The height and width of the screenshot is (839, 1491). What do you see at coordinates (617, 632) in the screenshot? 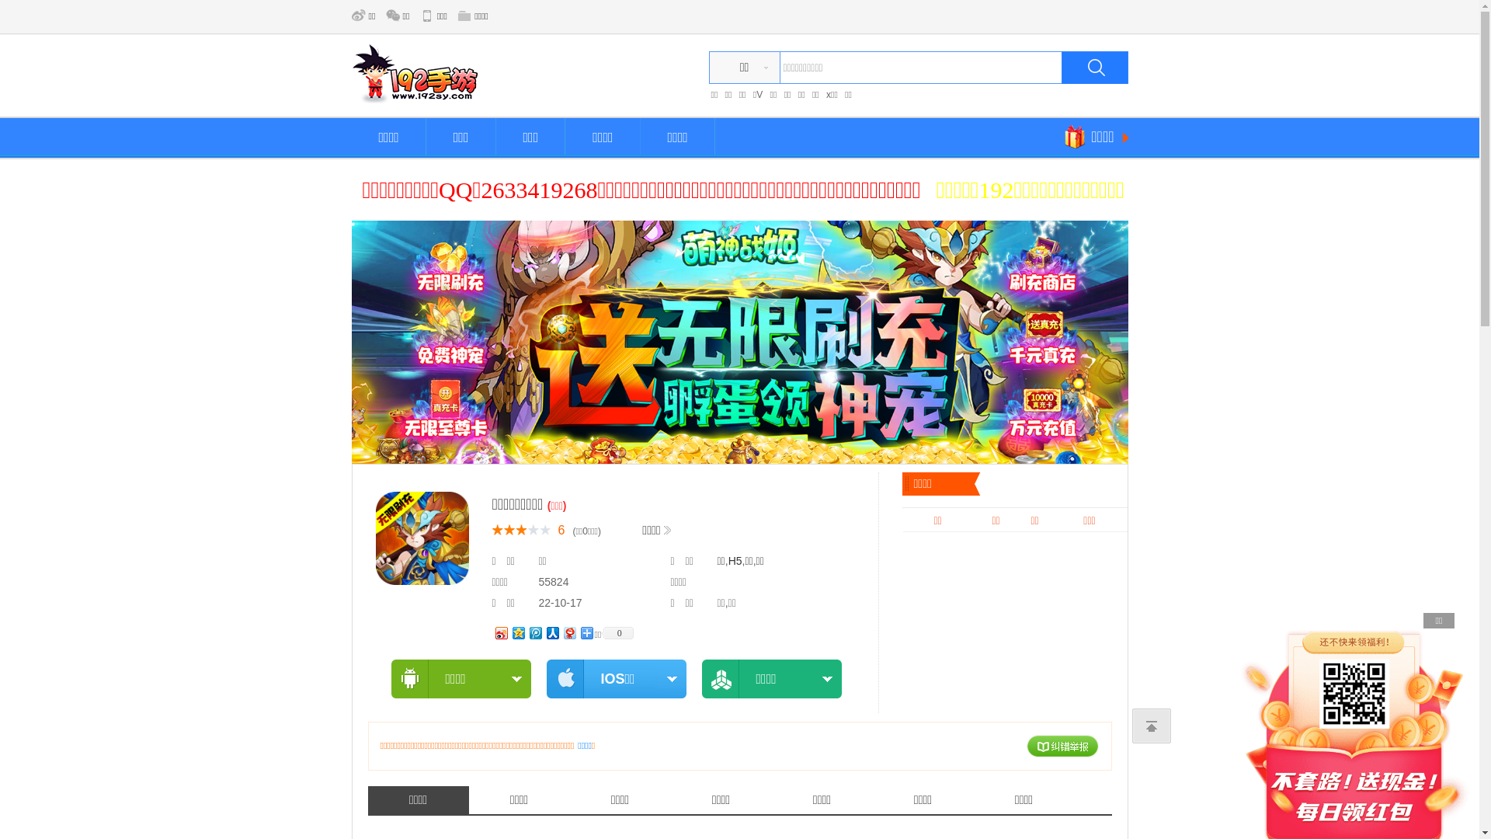
I see `'0'` at bounding box center [617, 632].